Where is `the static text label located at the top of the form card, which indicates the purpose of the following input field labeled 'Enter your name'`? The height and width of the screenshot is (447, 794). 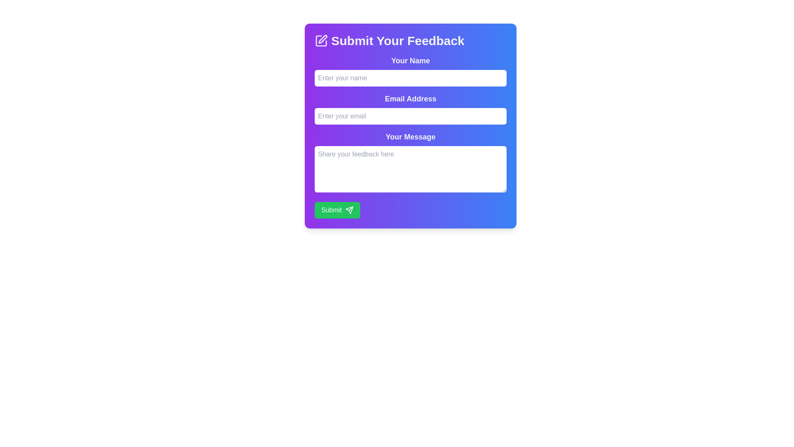
the static text label located at the top of the form card, which indicates the purpose of the following input field labeled 'Enter your name' is located at coordinates (411, 60).